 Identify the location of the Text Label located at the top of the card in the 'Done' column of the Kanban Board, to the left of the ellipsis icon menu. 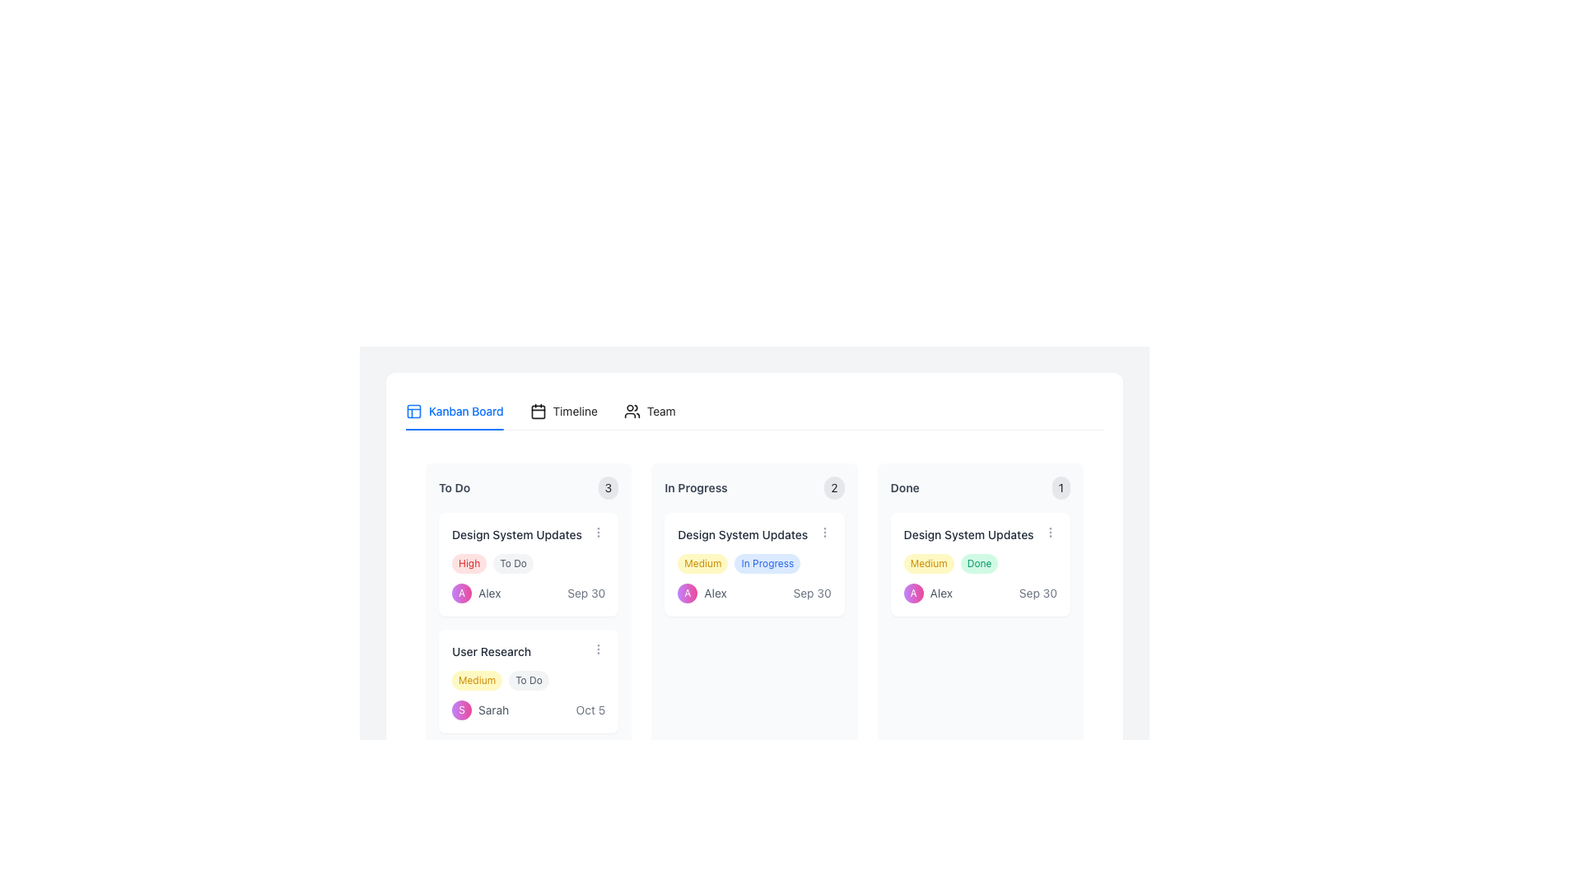
(968, 535).